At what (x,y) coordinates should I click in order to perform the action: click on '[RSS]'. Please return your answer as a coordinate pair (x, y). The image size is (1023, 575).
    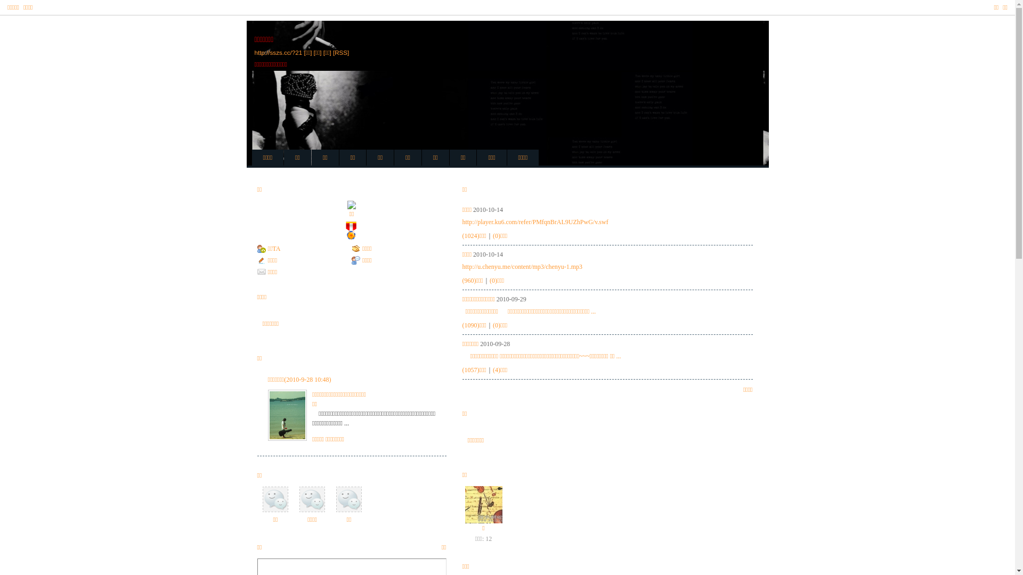
    Looking at the image, I should click on (340, 52).